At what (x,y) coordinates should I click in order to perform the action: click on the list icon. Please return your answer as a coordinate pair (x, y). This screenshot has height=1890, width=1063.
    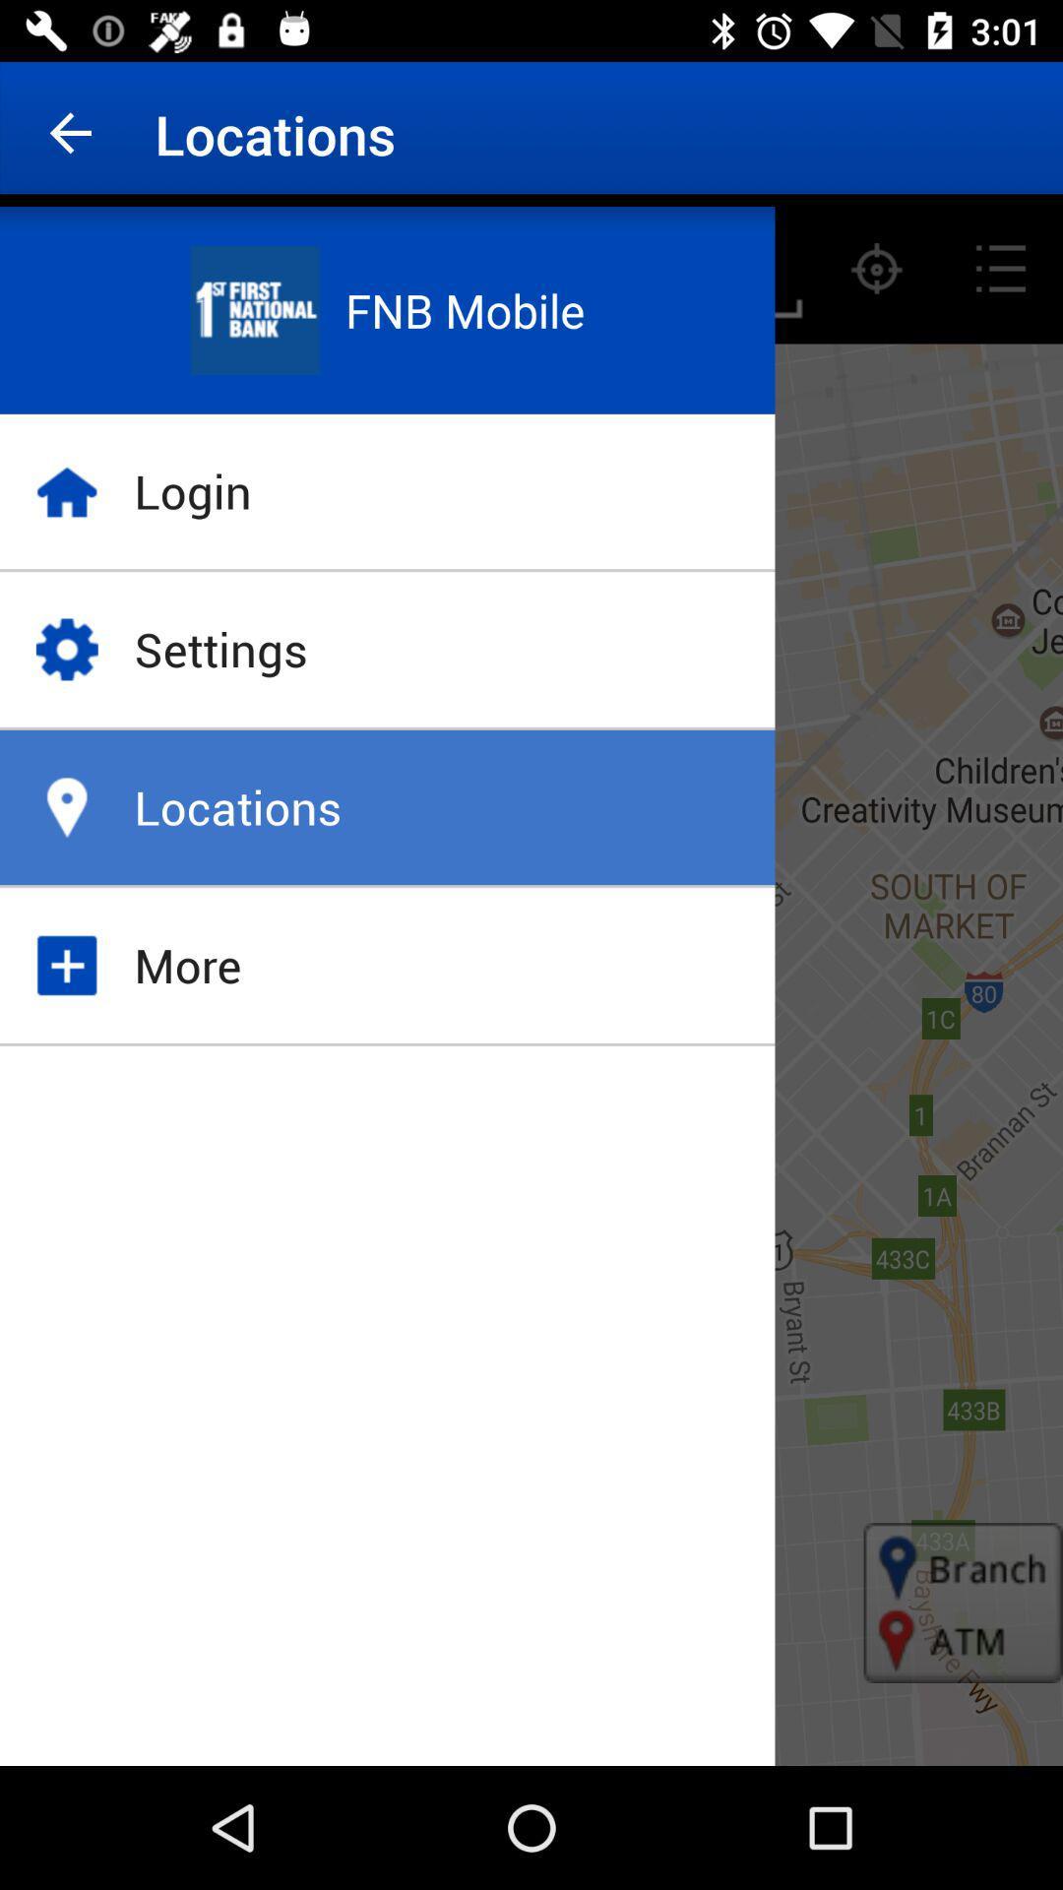
    Looking at the image, I should click on (1001, 268).